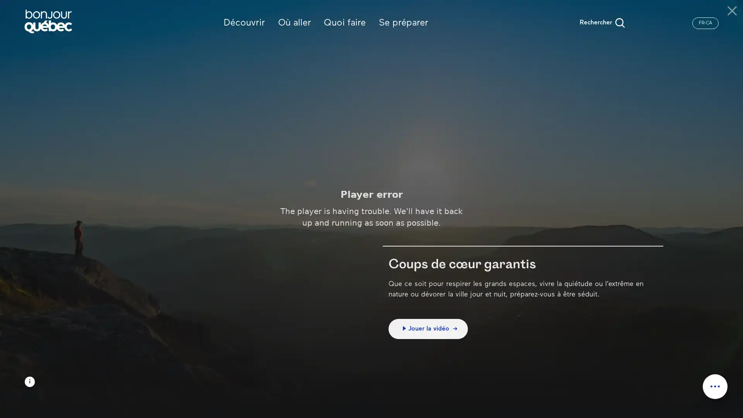 Image resolution: width=743 pixels, height=418 pixels. What do you see at coordinates (603, 75) in the screenshot?
I see `Rechercher` at bounding box center [603, 75].